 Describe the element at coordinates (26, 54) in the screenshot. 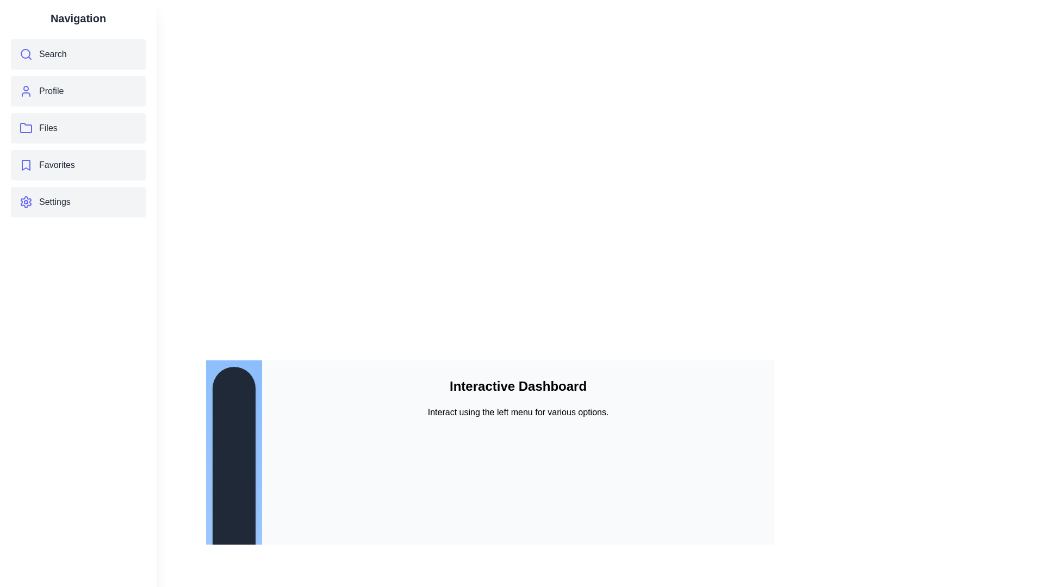

I see `the icon corresponding to Search in the sidebar` at that location.